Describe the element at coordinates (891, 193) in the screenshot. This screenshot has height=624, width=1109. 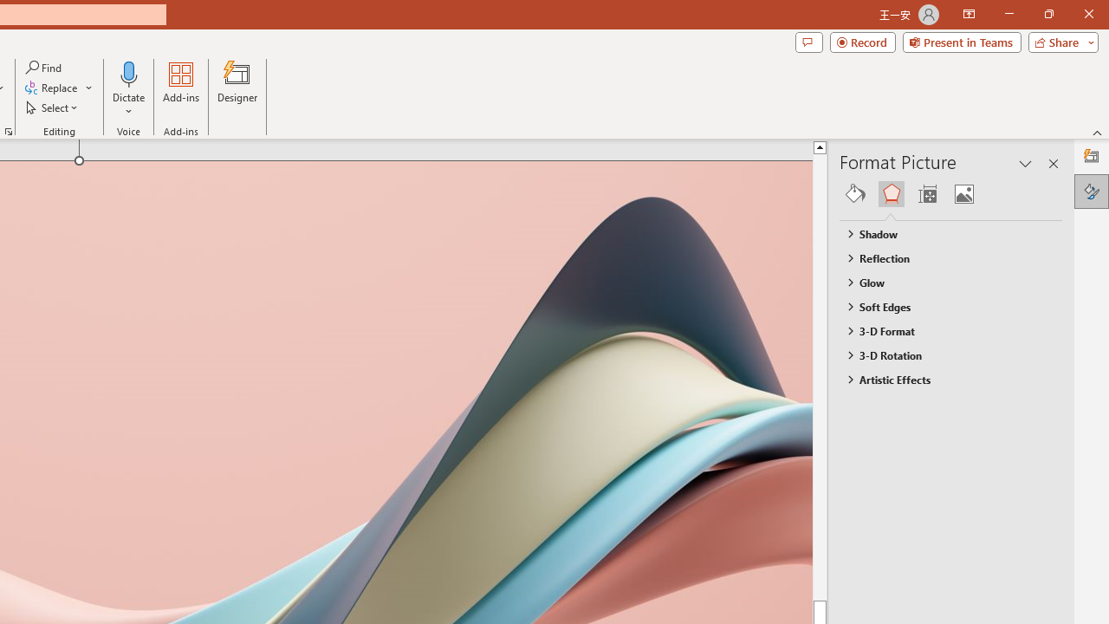
I see `'Effects'` at that location.